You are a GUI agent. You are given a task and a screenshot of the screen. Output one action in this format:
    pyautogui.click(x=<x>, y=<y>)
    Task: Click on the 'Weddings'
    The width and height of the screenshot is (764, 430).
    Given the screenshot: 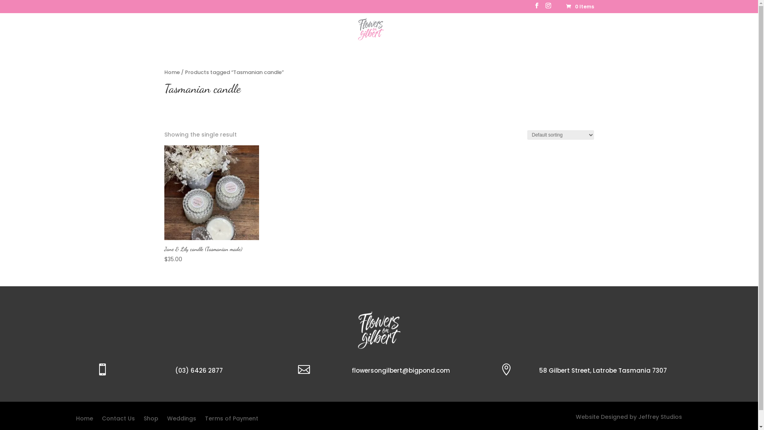 What is the action you would take?
    pyautogui.click(x=394, y=35)
    